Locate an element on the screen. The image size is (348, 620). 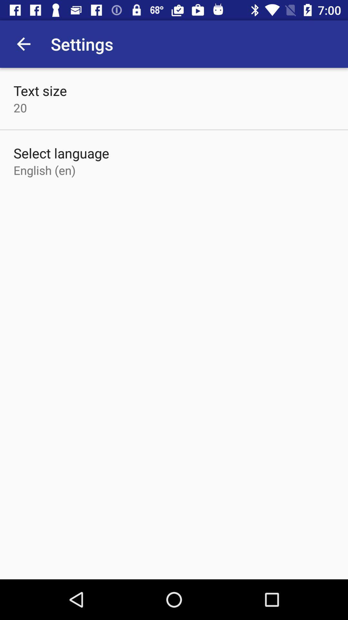
item above the 20 item is located at coordinates (40, 90).